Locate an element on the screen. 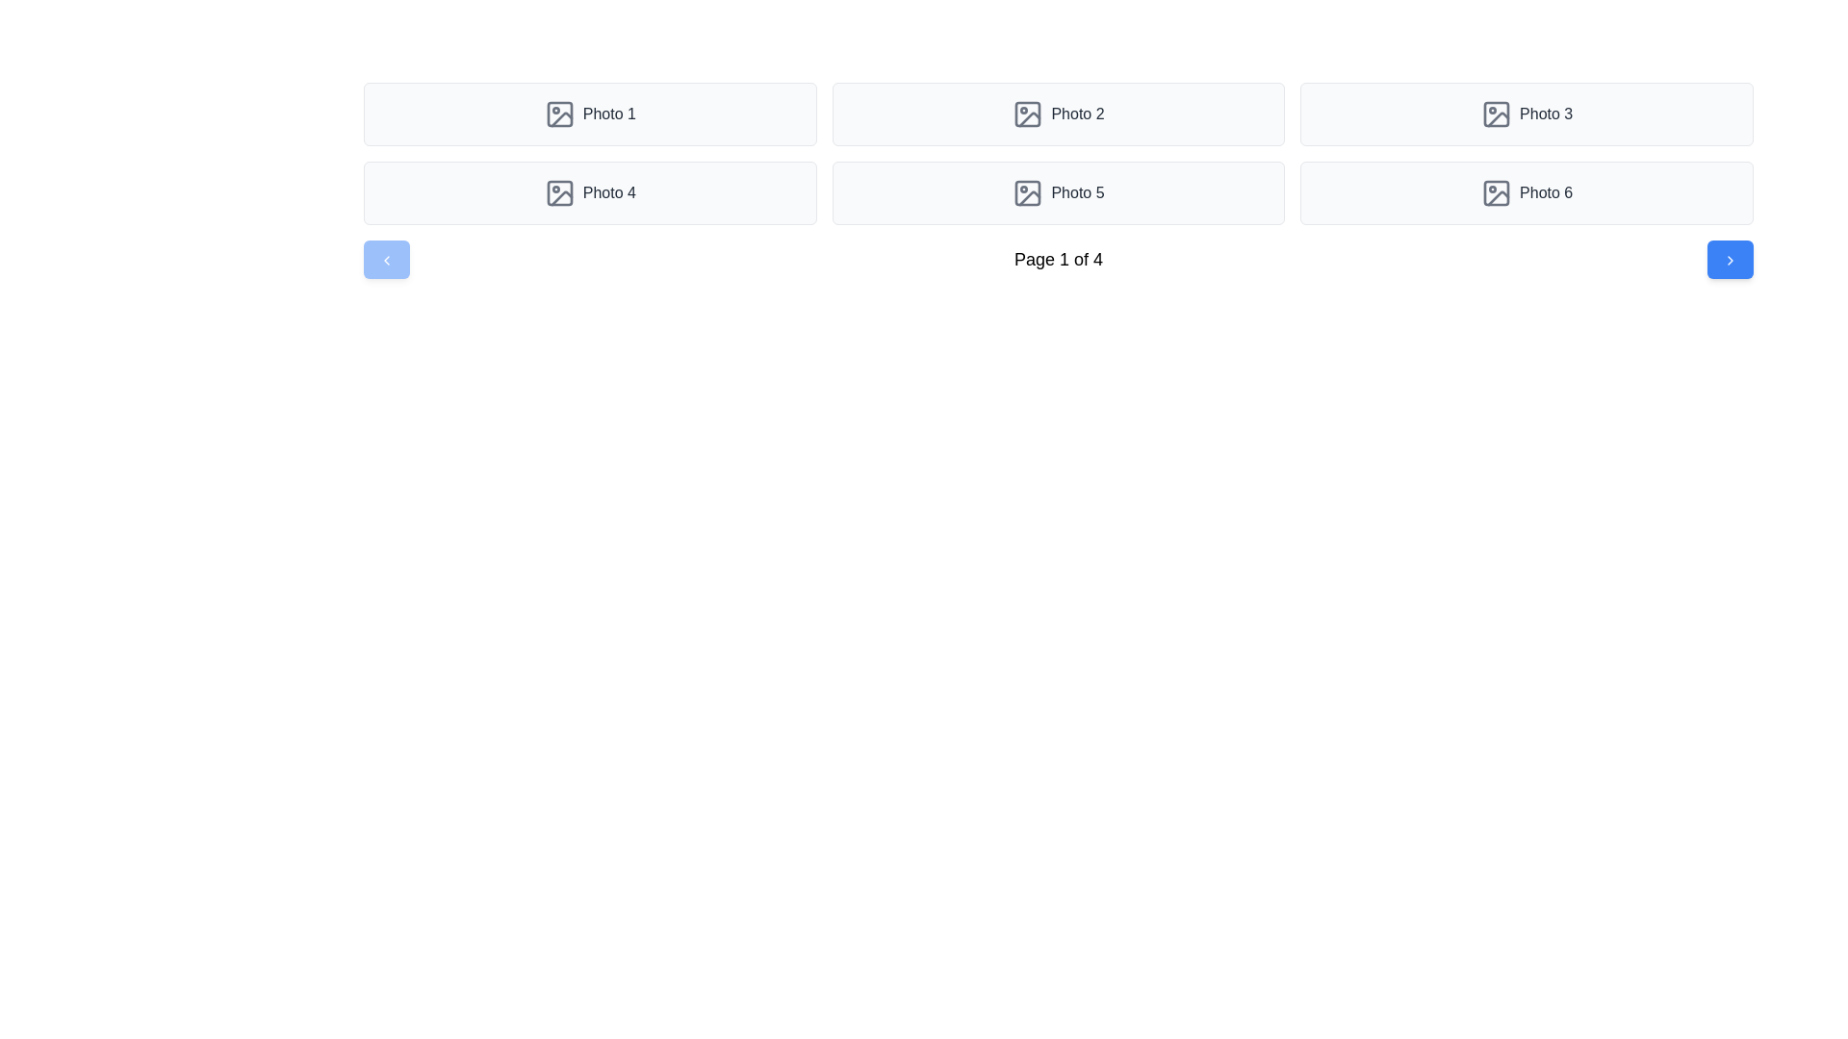  the square-shaped image icon with rounded corners, located in the last grid item labeled 'Photo 6' is located at coordinates (1496, 192).